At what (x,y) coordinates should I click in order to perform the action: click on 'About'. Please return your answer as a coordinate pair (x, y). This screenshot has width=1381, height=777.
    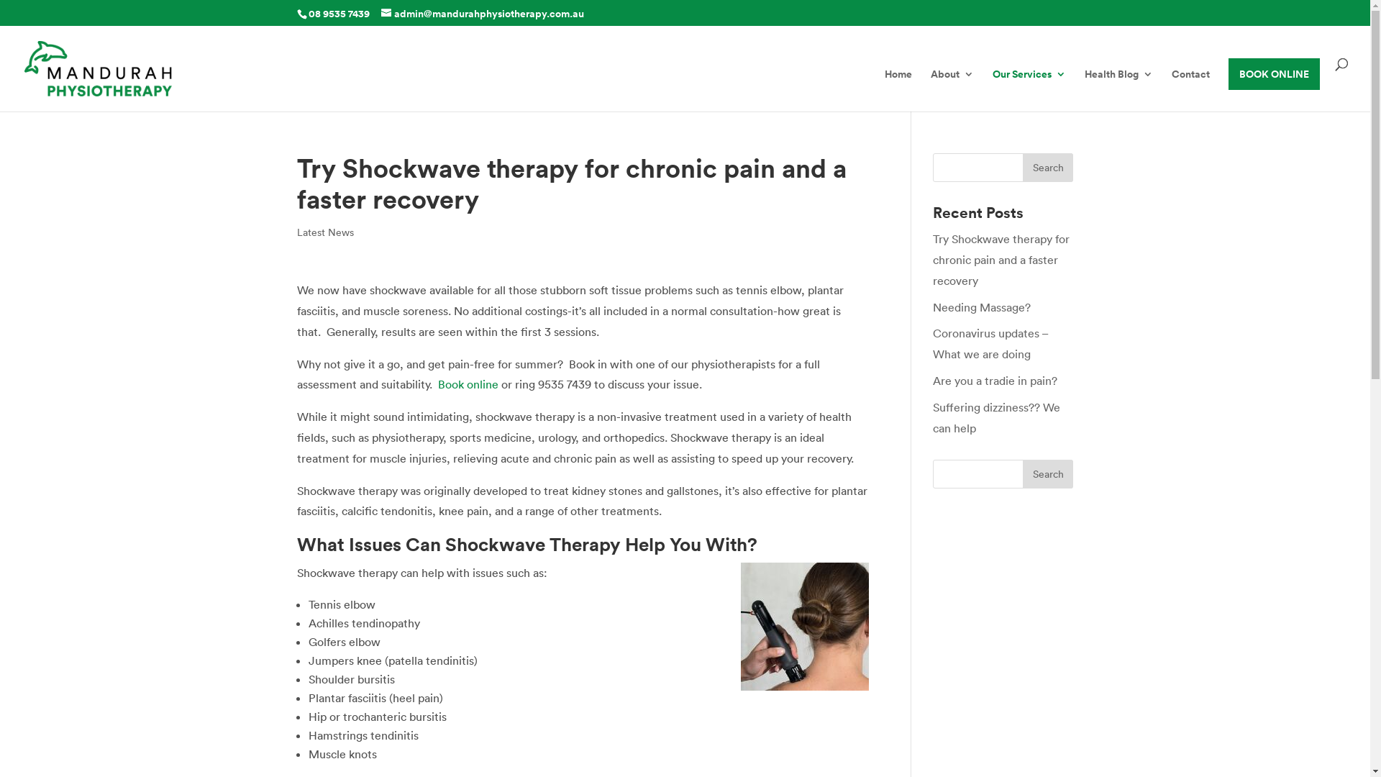
    Looking at the image, I should click on (952, 90).